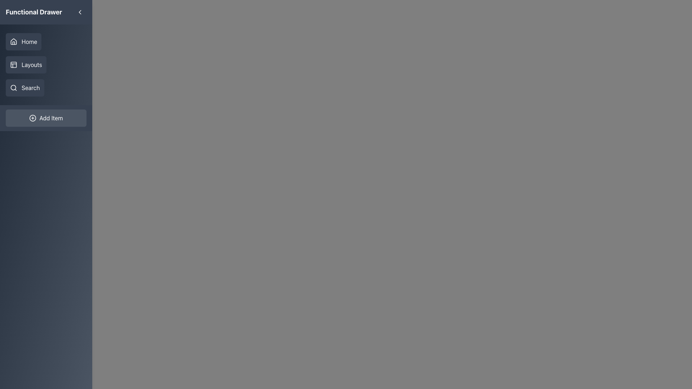 Image resolution: width=692 pixels, height=389 pixels. I want to click on the 'Functional Drawer' text label, which is a bold, large font label located at the top-left corner of the sidebar with a dark gray background, so click(34, 12).